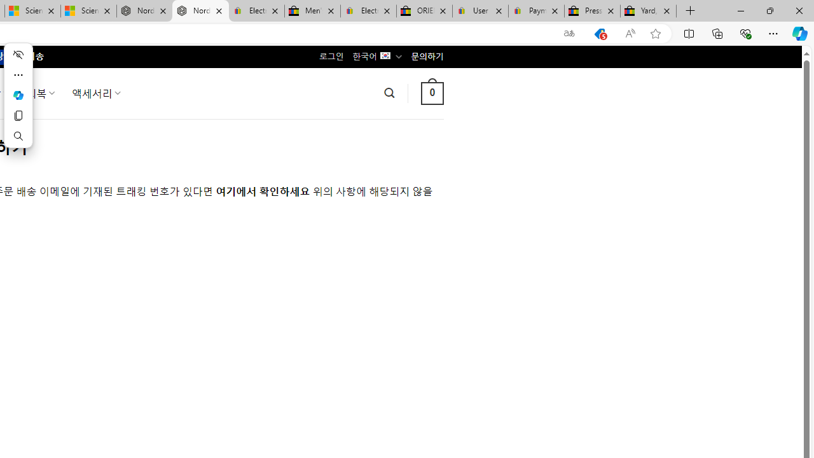 The height and width of the screenshot is (458, 814). What do you see at coordinates (18, 54) in the screenshot?
I see `'Hide menu'` at bounding box center [18, 54].